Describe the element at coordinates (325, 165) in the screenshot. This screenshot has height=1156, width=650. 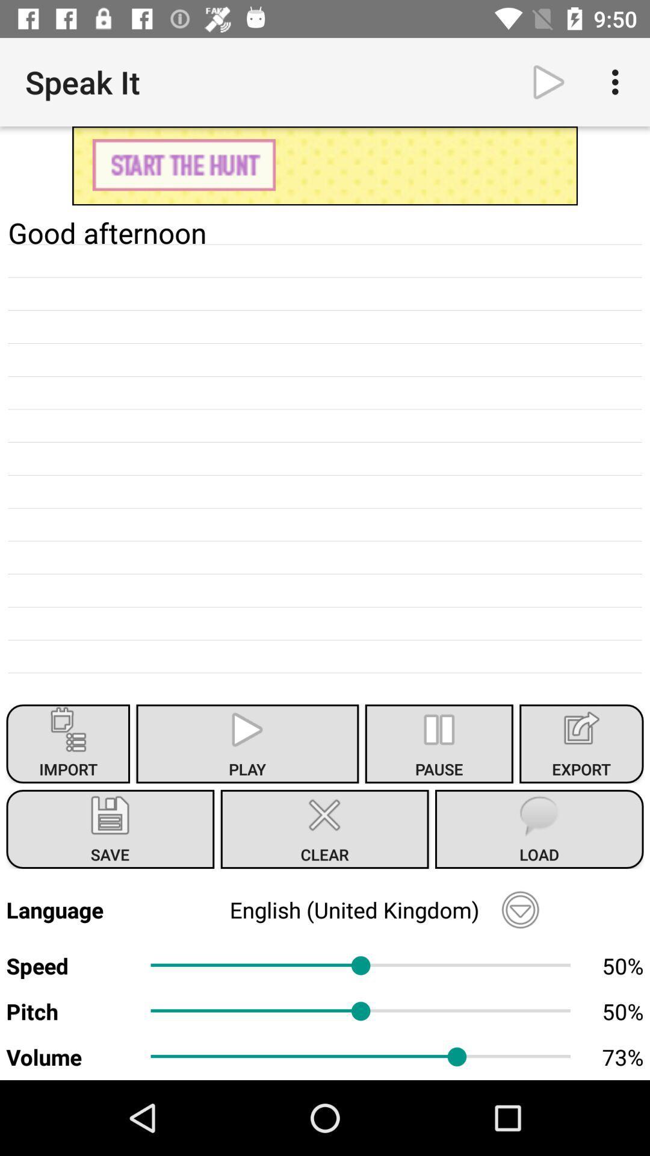
I see `visit advertisement` at that location.